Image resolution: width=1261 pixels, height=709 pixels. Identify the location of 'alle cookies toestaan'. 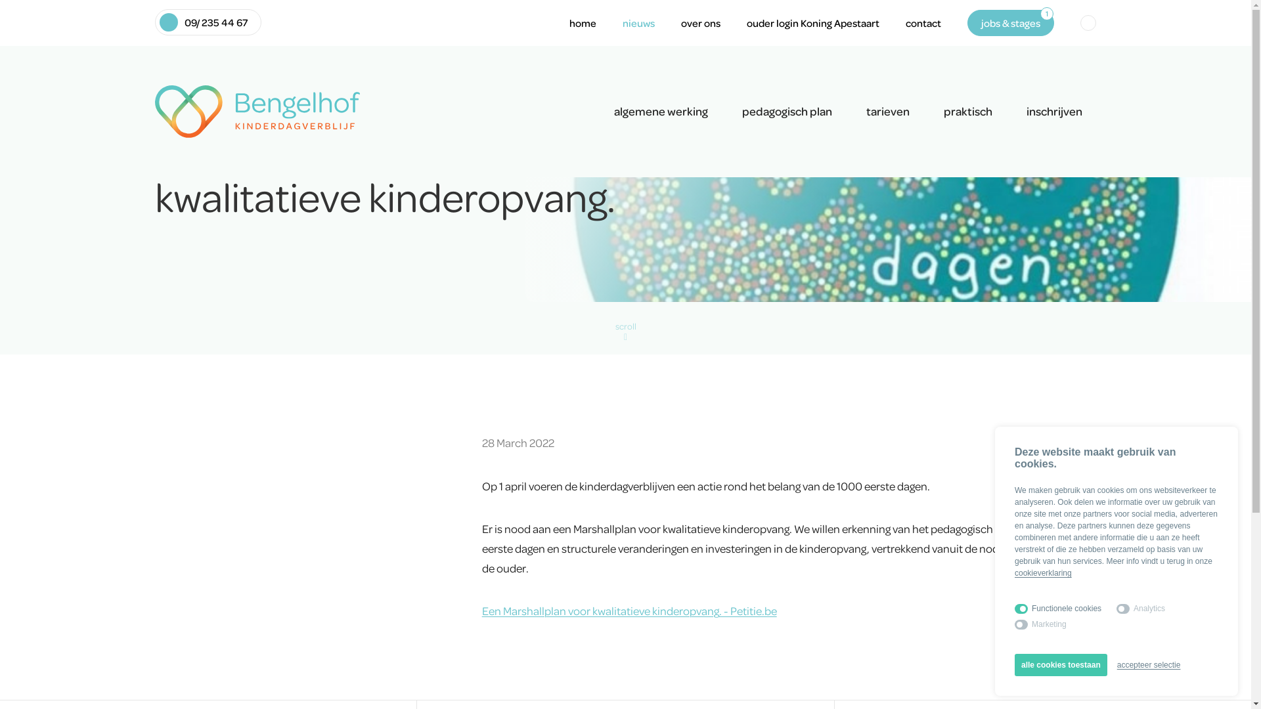
(1061, 665).